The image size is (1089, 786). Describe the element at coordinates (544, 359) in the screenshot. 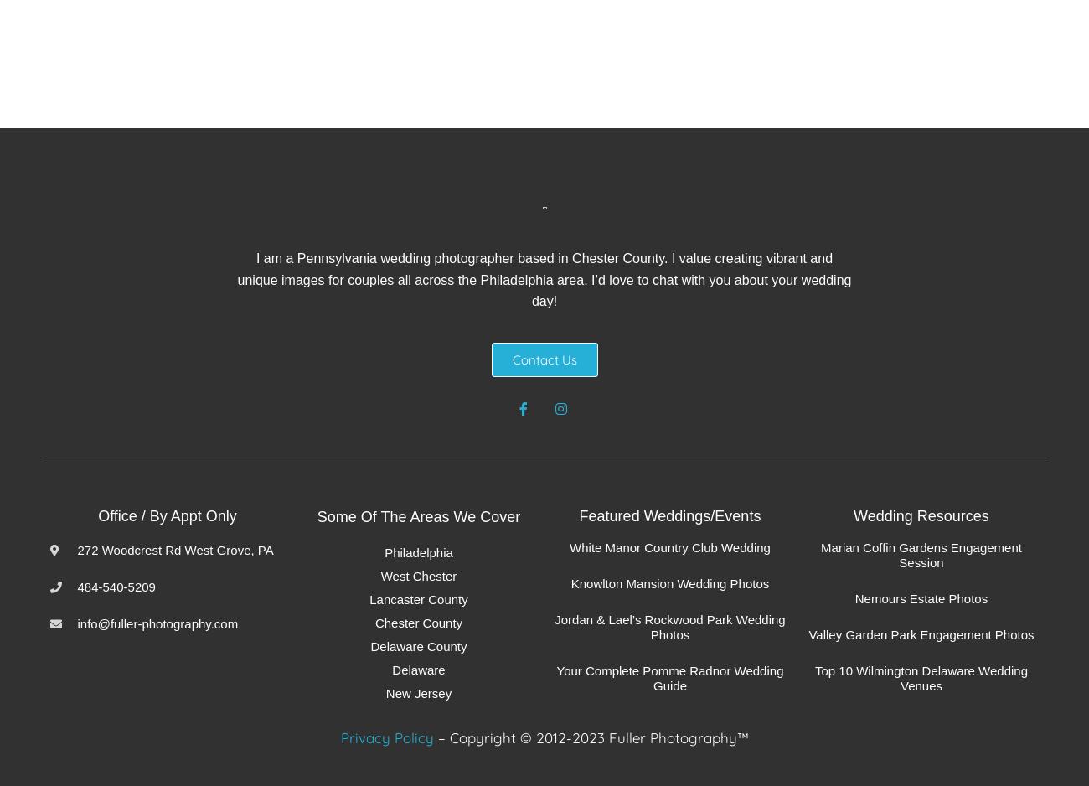

I see `'Contact Us'` at that location.